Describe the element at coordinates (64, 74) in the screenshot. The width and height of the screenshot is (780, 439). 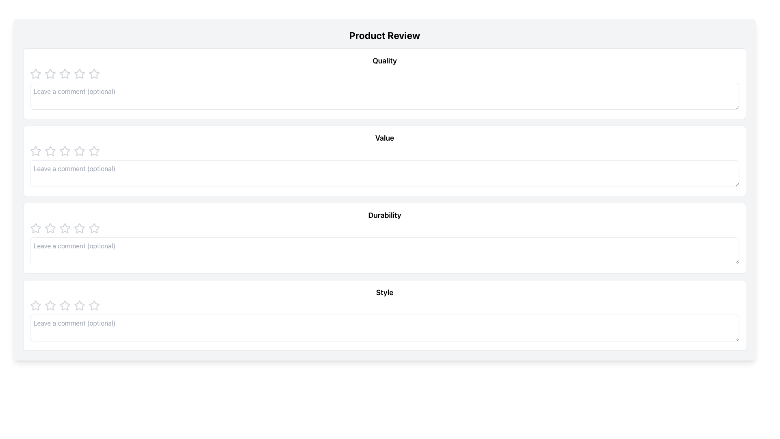
I see `the second star in the rating system for the 'Quality' category` at that location.